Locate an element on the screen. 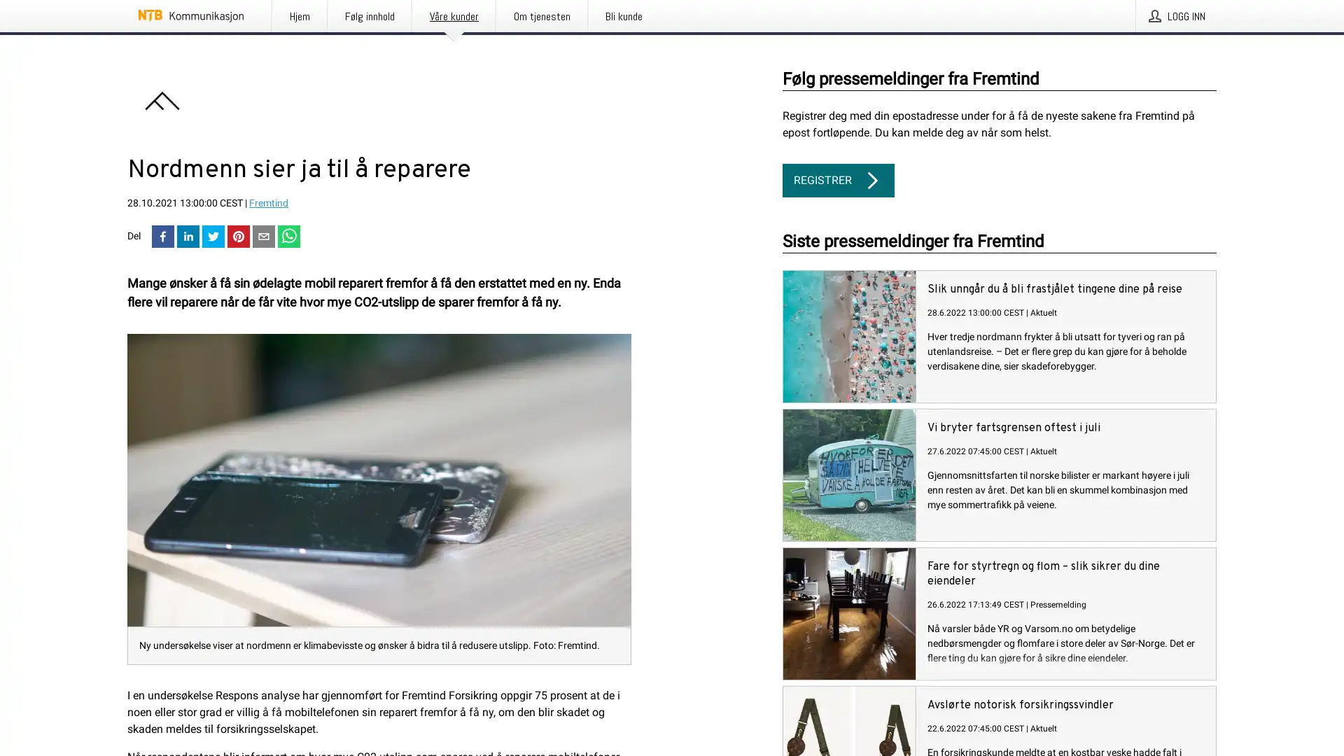 This screenshot has width=1344, height=756. linkedin is located at coordinates (187, 237).